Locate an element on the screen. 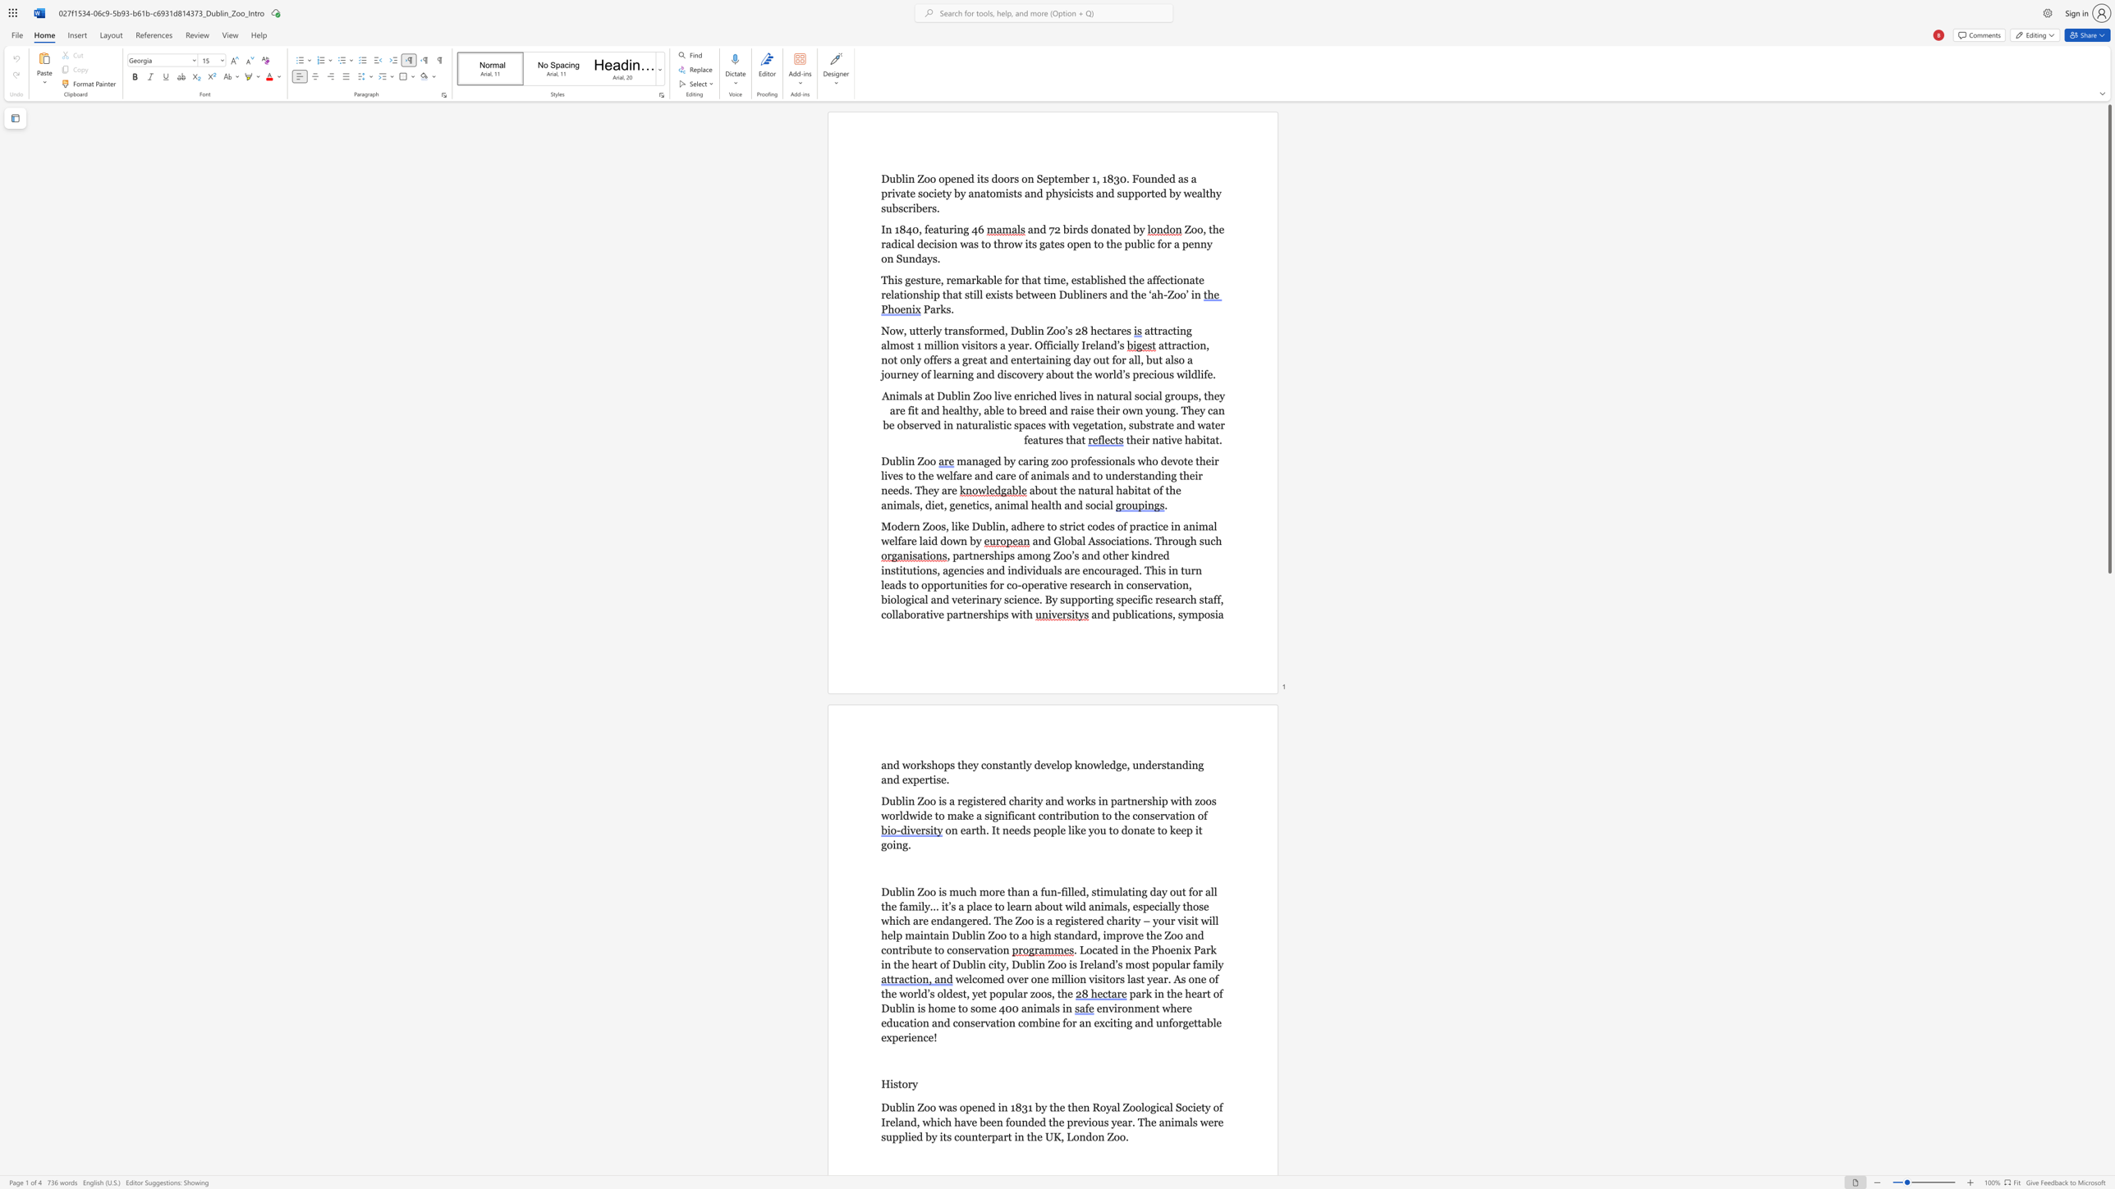 The image size is (2115, 1189). the 10th character "i" in the text is located at coordinates (1007, 815).